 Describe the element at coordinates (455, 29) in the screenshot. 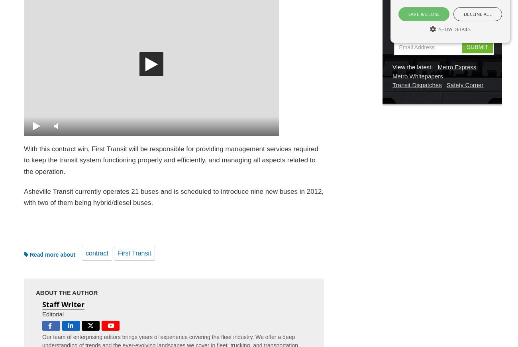

I see `'Show details'` at that location.